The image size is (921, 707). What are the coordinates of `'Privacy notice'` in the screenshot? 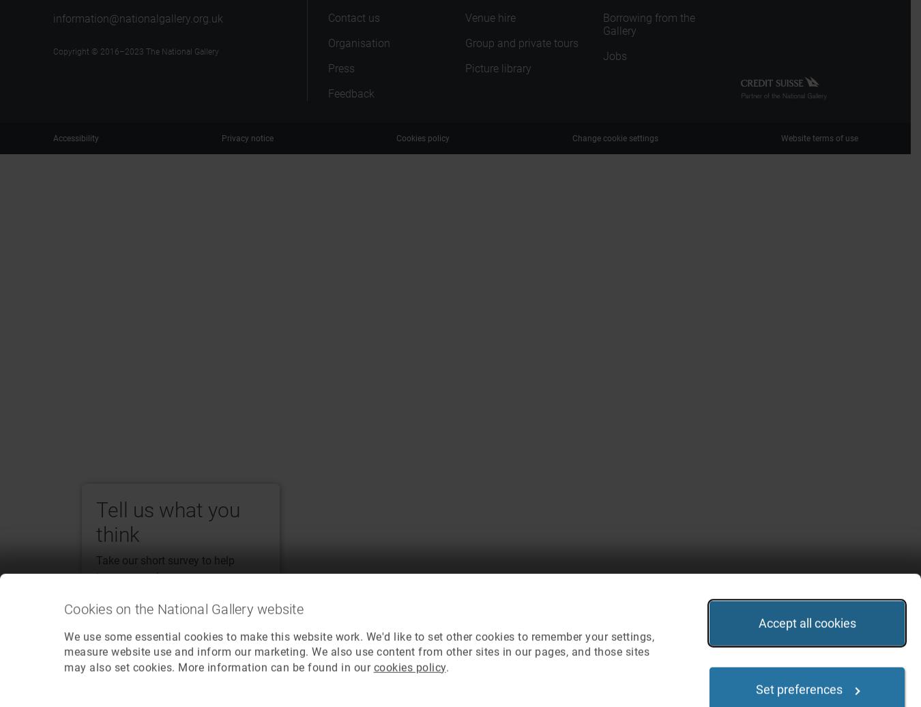 It's located at (220, 138).